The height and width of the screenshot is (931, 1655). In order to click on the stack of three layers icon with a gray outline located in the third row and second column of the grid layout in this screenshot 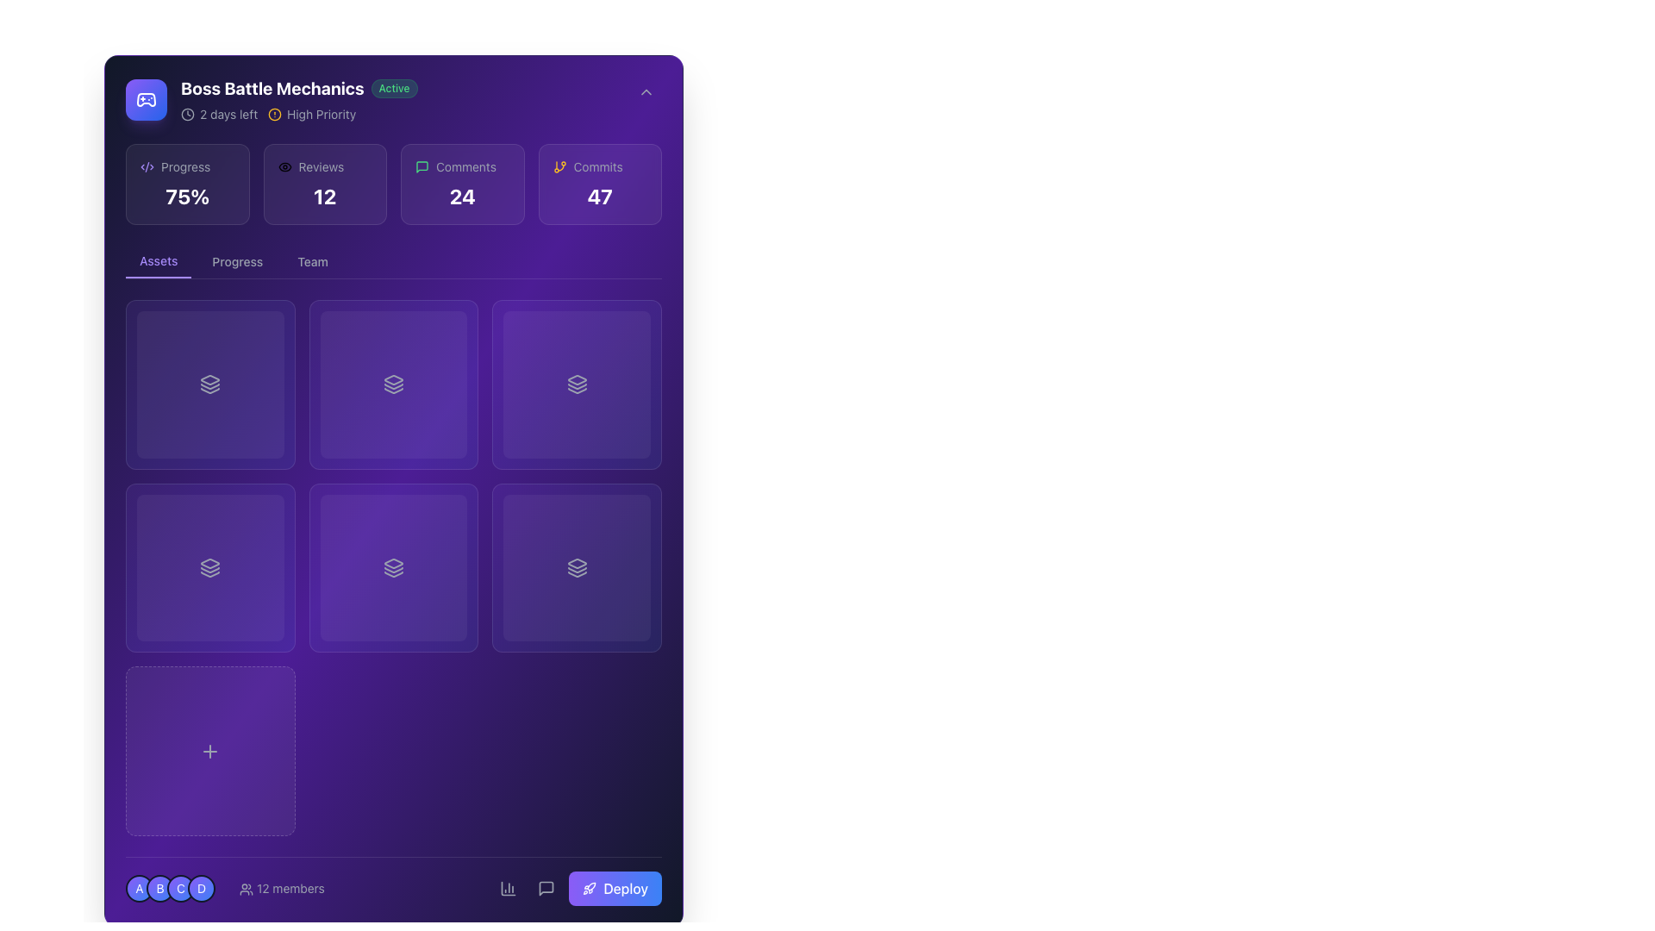, I will do `click(577, 568)`.